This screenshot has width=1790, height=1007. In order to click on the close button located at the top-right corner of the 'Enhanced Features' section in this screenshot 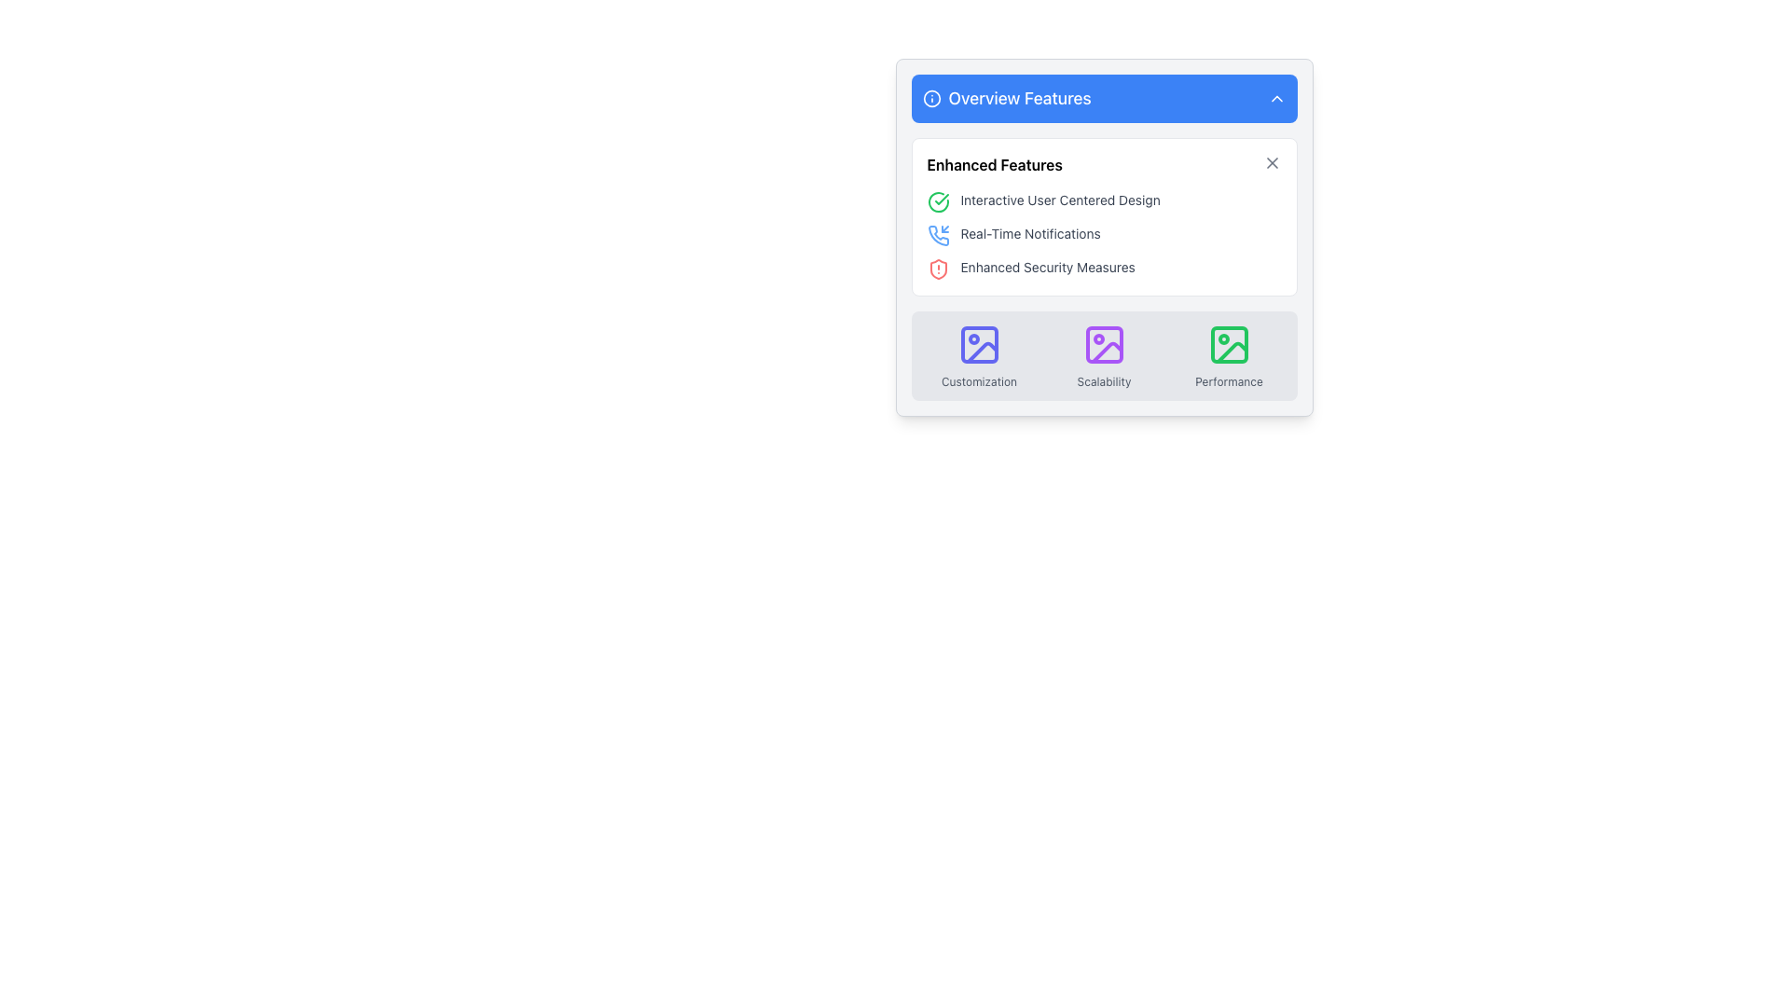, I will do `click(1271, 161)`.